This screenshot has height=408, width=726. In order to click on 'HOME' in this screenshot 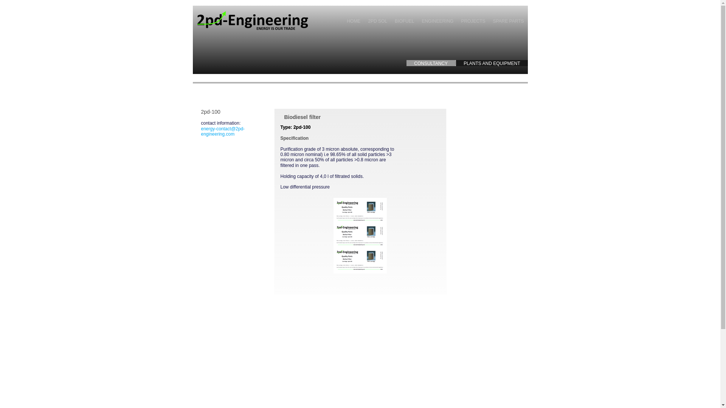, I will do `click(353, 21)`.